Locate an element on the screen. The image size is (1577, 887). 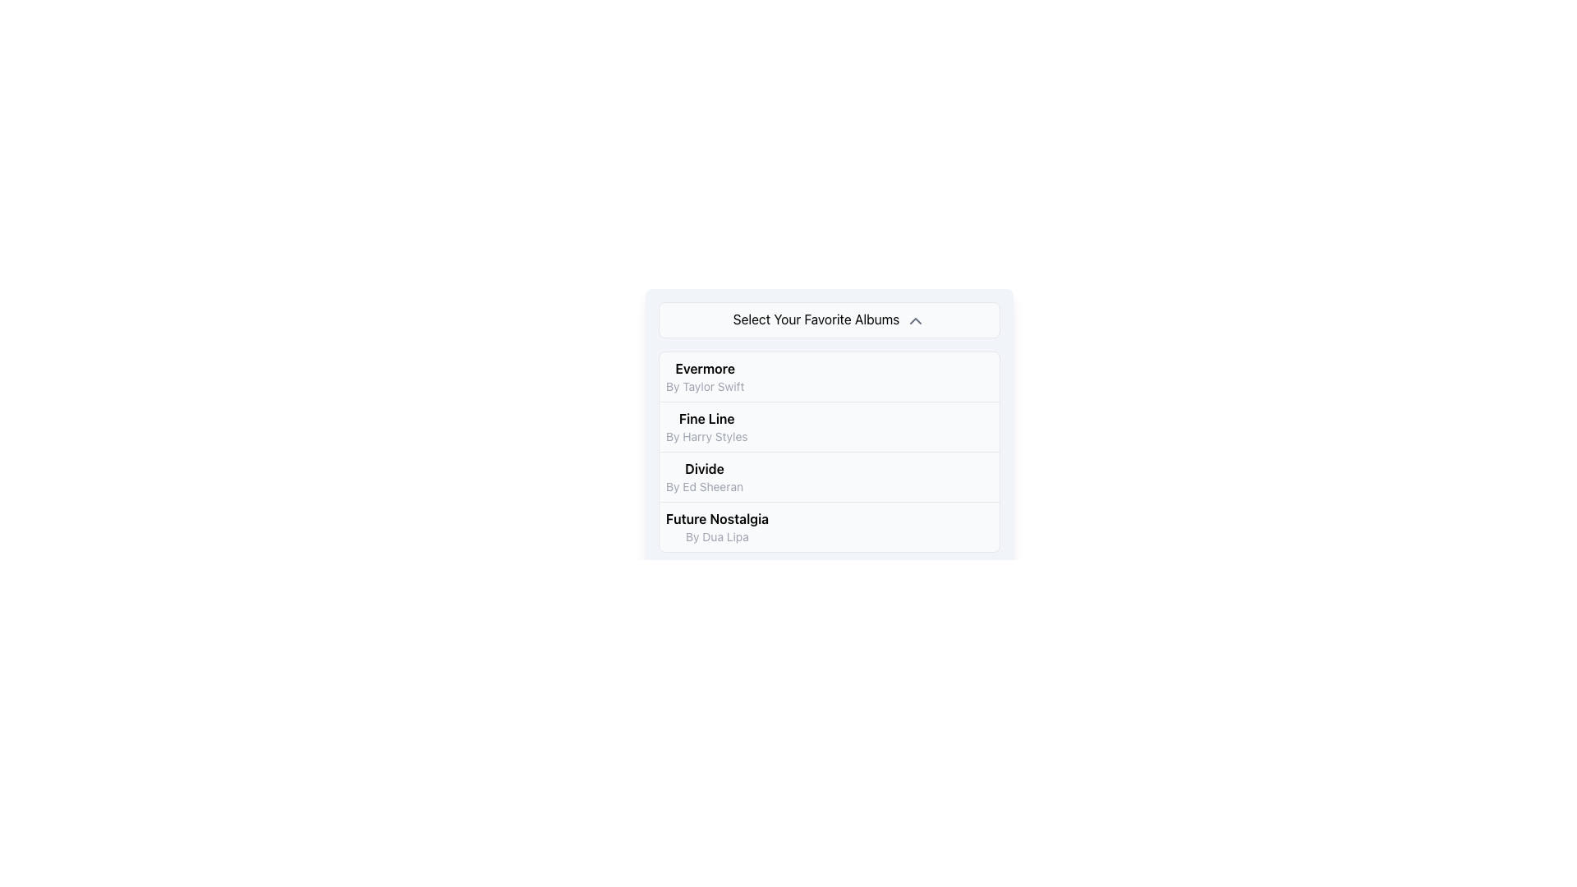
on the text display element featuring the title 'Future Nostalgia' and subtitle 'By Dua Lipa' located at the bottom of the list is located at coordinates (717, 526).